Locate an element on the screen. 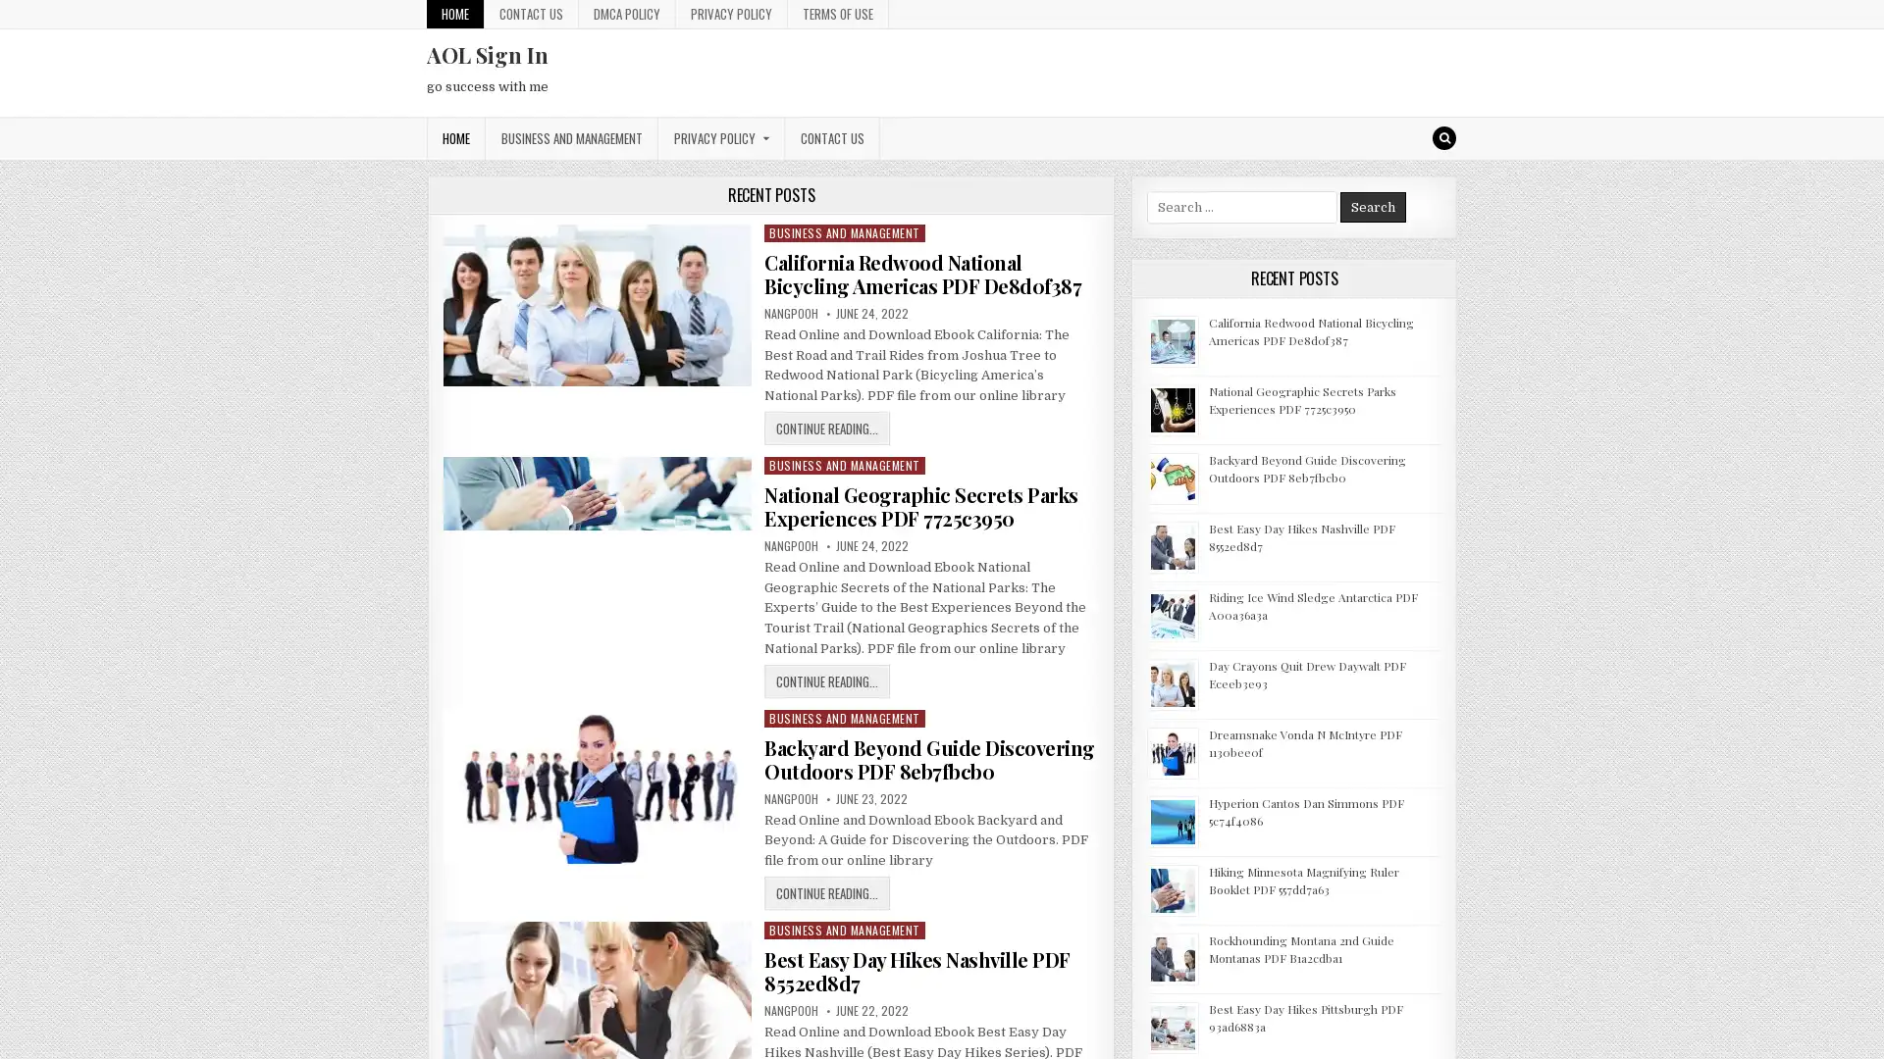 This screenshot has height=1059, width=1884. Search is located at coordinates (1372, 207).